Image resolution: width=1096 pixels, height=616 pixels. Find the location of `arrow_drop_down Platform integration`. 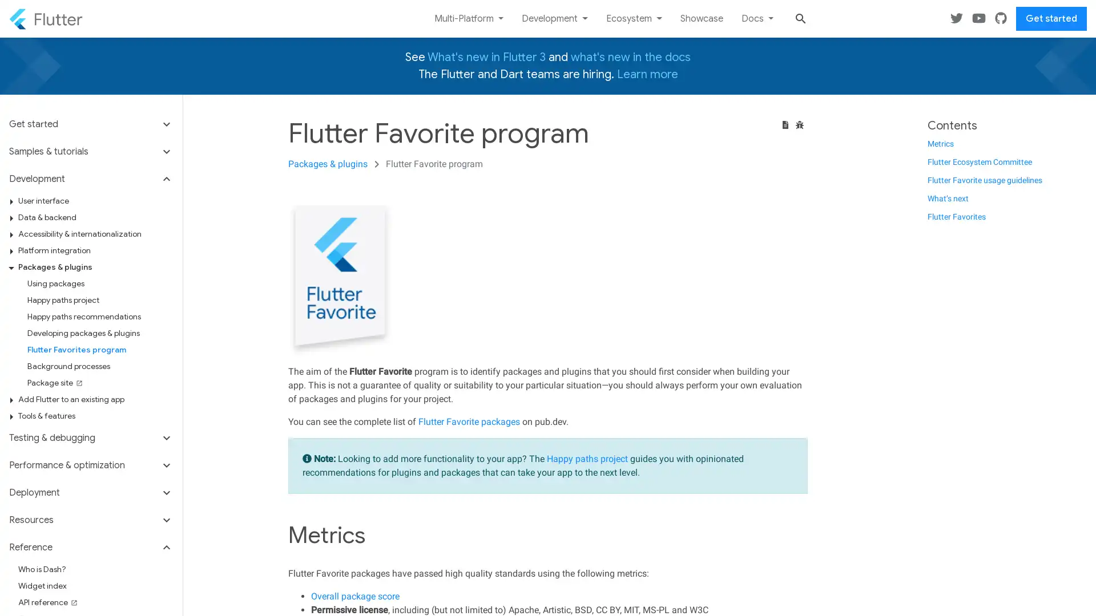

arrow_drop_down Platform integration is located at coordinates (95, 250).